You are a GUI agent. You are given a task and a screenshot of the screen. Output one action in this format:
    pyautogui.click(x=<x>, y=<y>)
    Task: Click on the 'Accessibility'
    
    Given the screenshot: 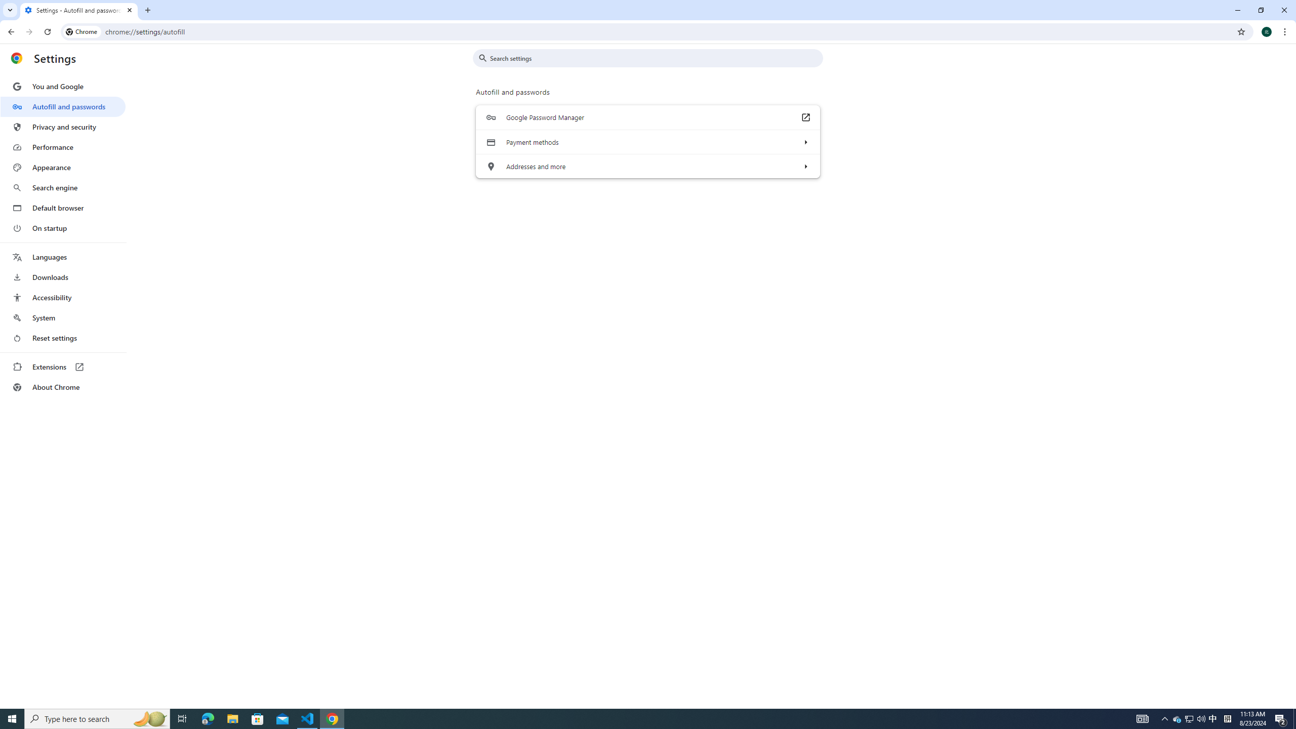 What is the action you would take?
    pyautogui.click(x=62, y=297)
    